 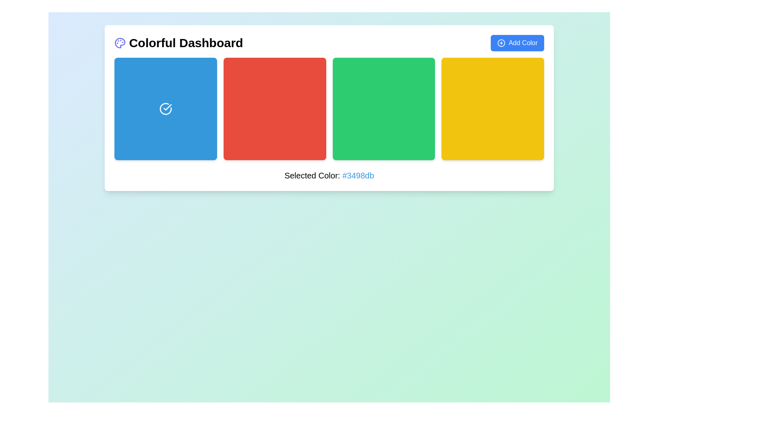 What do you see at coordinates (329, 175) in the screenshot?
I see `the Text Display element that shows 'Selected Color: #3498db', which is centrally located at the bottom of the color box section` at bounding box center [329, 175].